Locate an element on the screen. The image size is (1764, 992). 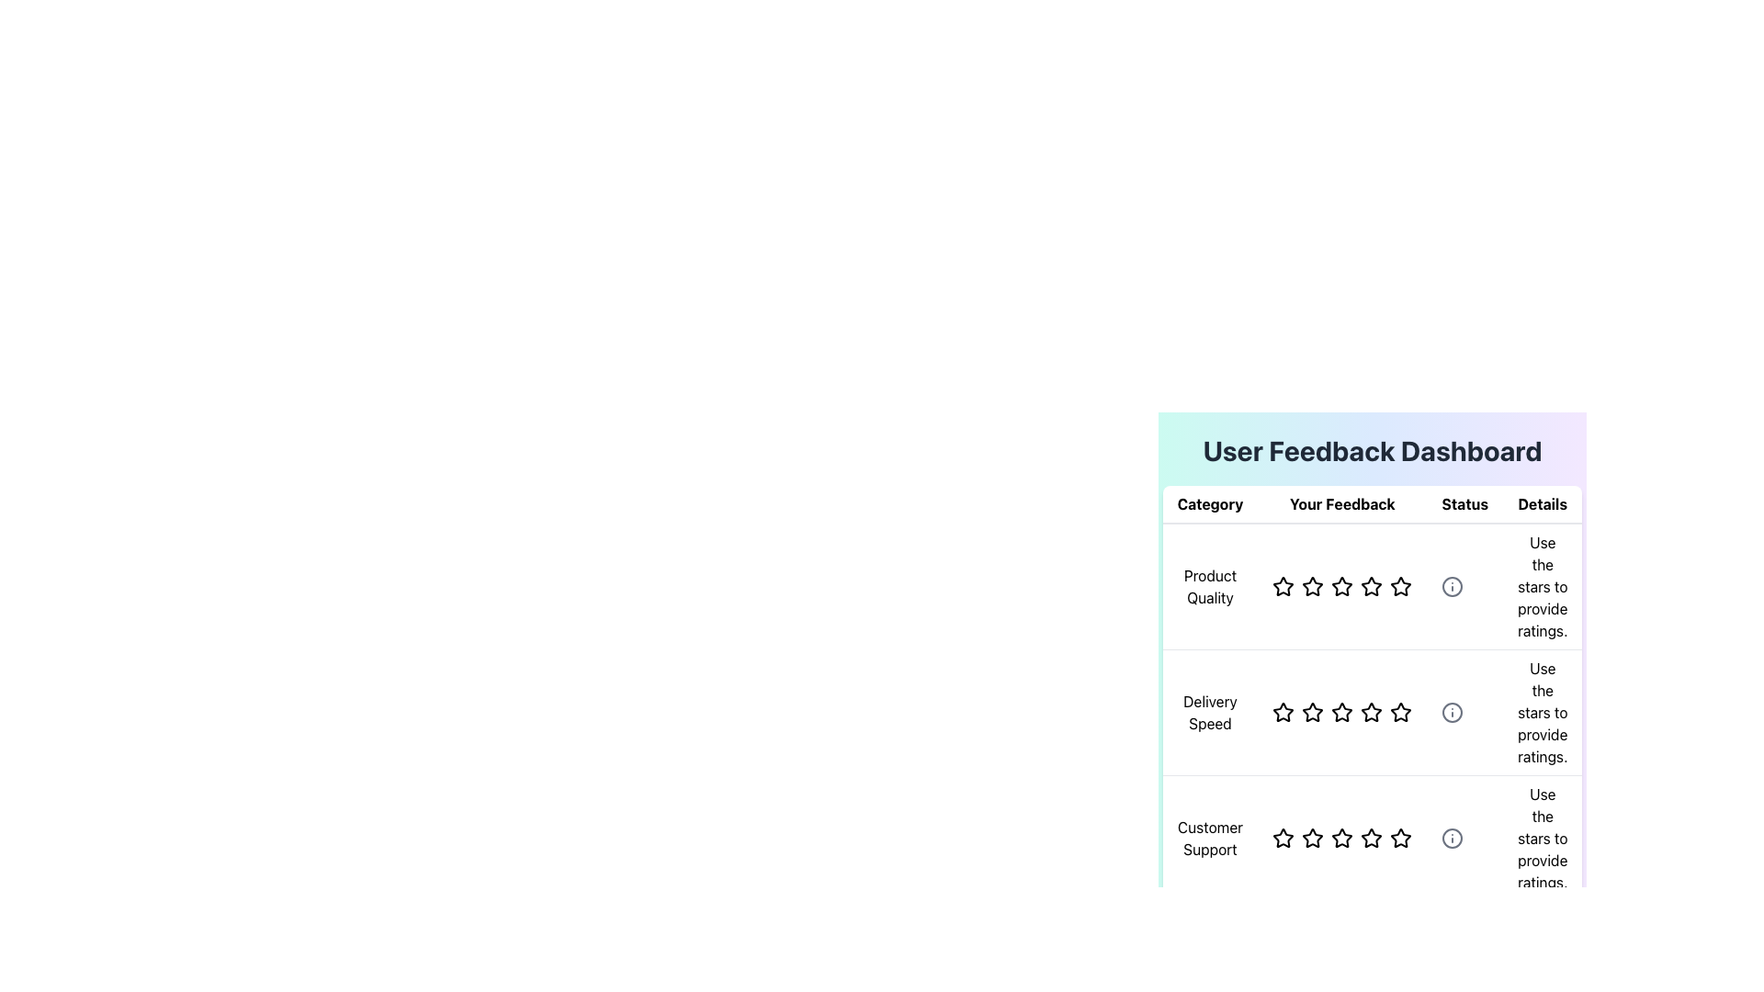
the fourth Rating star icon in the 'Your Feedback' column for 'Product Quality' is located at coordinates (1372, 587).